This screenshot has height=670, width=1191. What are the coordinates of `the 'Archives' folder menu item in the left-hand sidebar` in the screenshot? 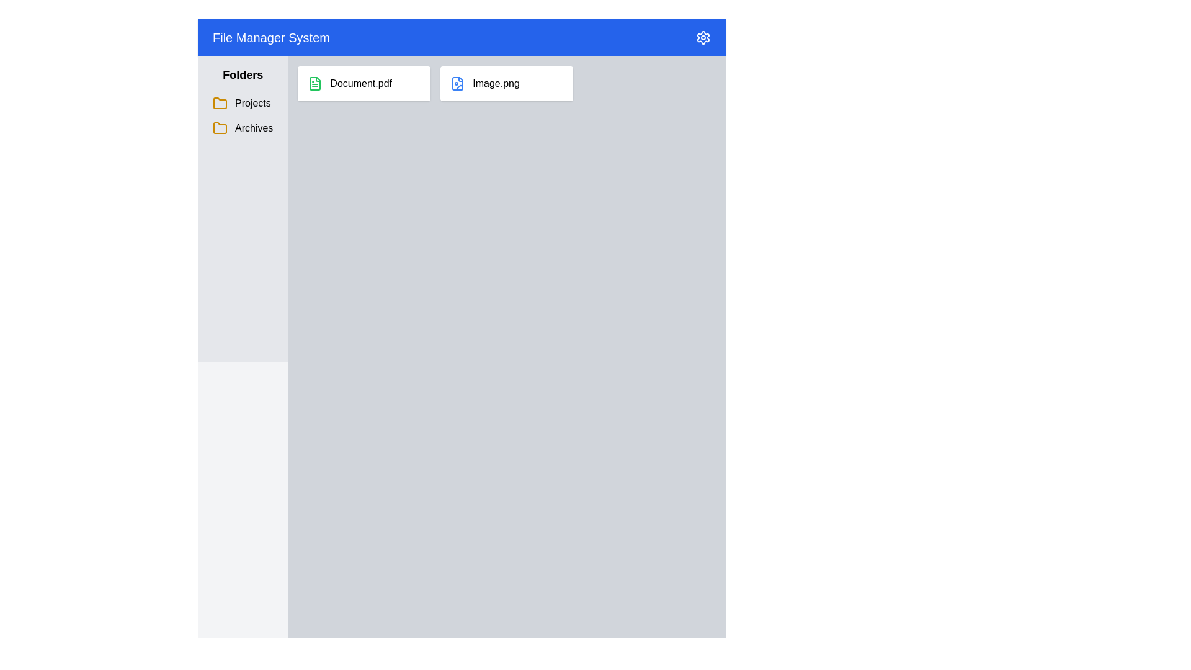 It's located at (243, 128).